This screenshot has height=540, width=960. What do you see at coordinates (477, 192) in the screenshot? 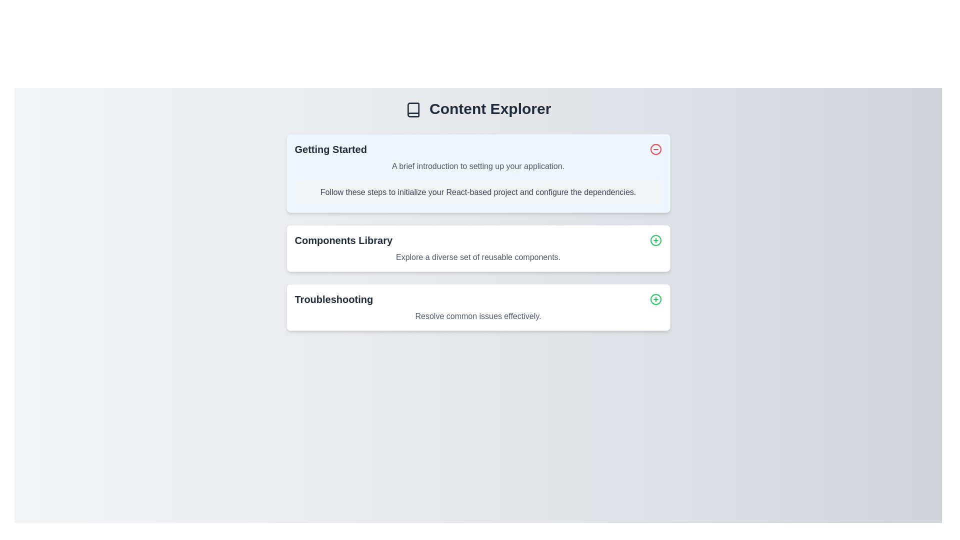
I see `text block displaying 'Follow these steps to initialize your React-based project and configure the dependencies.' which is located in the 'Getting Started' section, centered below the introduction description` at bounding box center [477, 192].